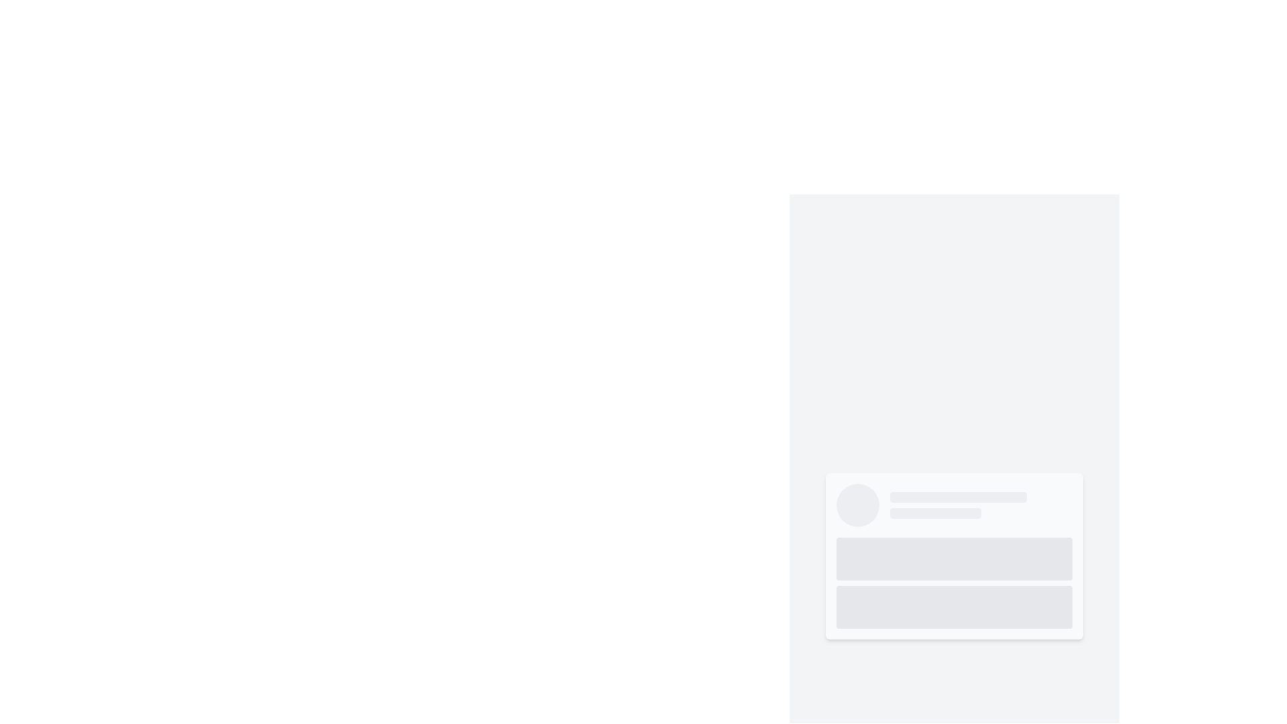 This screenshot has width=1287, height=724. Describe the element at coordinates (954, 607) in the screenshot. I see `the second static box element in the vertical list, which serves a decorative purpose within the card layout` at that location.